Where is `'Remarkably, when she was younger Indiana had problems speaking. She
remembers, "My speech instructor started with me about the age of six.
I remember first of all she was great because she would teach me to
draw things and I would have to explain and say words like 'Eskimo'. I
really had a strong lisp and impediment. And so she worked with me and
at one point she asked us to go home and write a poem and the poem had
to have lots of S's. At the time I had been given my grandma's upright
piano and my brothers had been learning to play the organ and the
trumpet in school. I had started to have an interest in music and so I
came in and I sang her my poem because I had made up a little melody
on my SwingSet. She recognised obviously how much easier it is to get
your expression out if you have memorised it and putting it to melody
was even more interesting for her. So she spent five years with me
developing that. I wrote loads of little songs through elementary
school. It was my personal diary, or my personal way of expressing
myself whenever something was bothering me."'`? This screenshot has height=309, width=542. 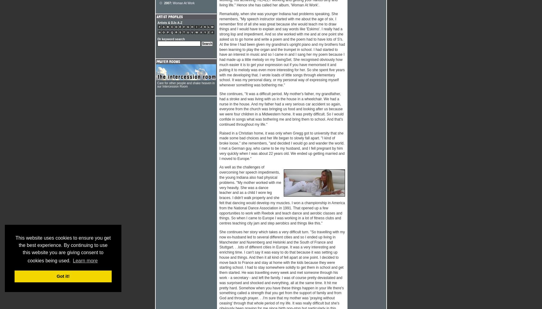
'Remarkably, when she was younger Indiana had problems speaking. She
remembers, "My speech instructor started with me about the age of six.
I remember first of all she was great because she would teach me to
draw things and I would have to explain and say words like 'Eskimo'. I
really had a strong lisp and impediment. And so she worked with me and
at one point she asked us to go home and write a poem and the poem had
to have lots of S's. At the time I had been given my grandma's upright
piano and my brothers had been learning to play the organ and the
trumpet in school. I had started to have an interest in music and so I
came in and I sang her my poem because I had made up a little melody
on my SwingSet. She recognised obviously how much easier it is to get
your expression out if you have memorised it and putting it to melody
was even more interesting for her. So she spent five years with me
developing that. I wrote loads of little songs through elementary
school. It was my personal diary, or my personal way of expressing
myself whenever something was bothering me."' is located at coordinates (282, 49).